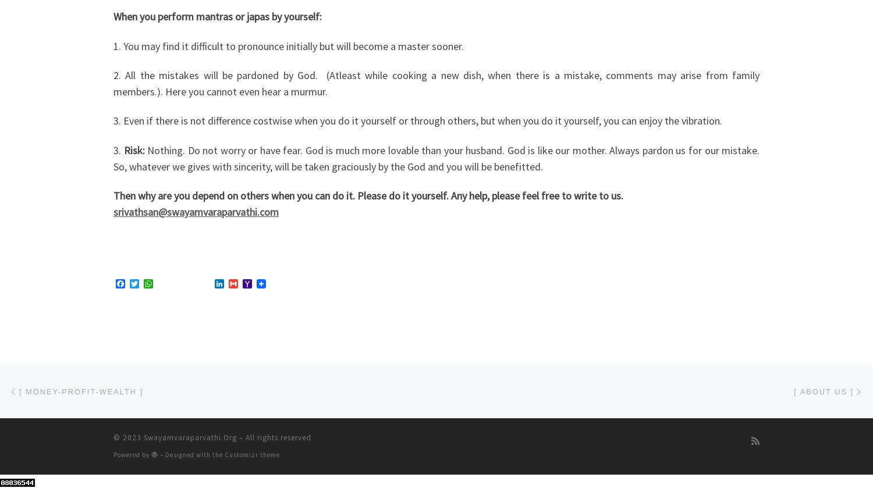 Image resolution: width=873 pixels, height=488 pixels. What do you see at coordinates (436, 158) in the screenshot?
I see `'Nothing. Do not worry or have fear. God is much more lovable than your husband. God is like our mother. Always pardon us for our mistake. So, whatever we gives with sincerity, will be taken graciously by the God and you will be benefitted.'` at bounding box center [436, 158].